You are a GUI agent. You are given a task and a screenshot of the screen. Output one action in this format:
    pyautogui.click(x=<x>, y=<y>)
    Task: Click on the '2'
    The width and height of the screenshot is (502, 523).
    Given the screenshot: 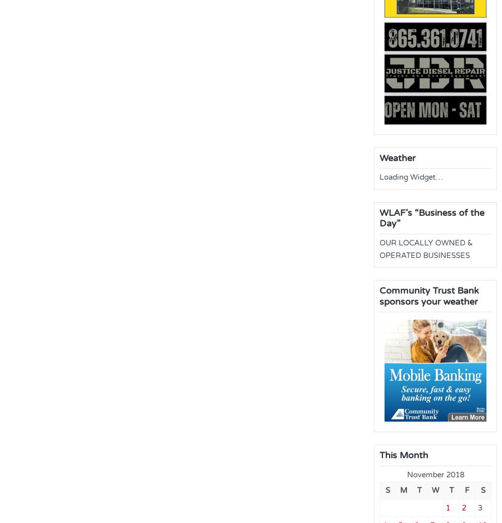 What is the action you would take?
    pyautogui.click(x=464, y=507)
    